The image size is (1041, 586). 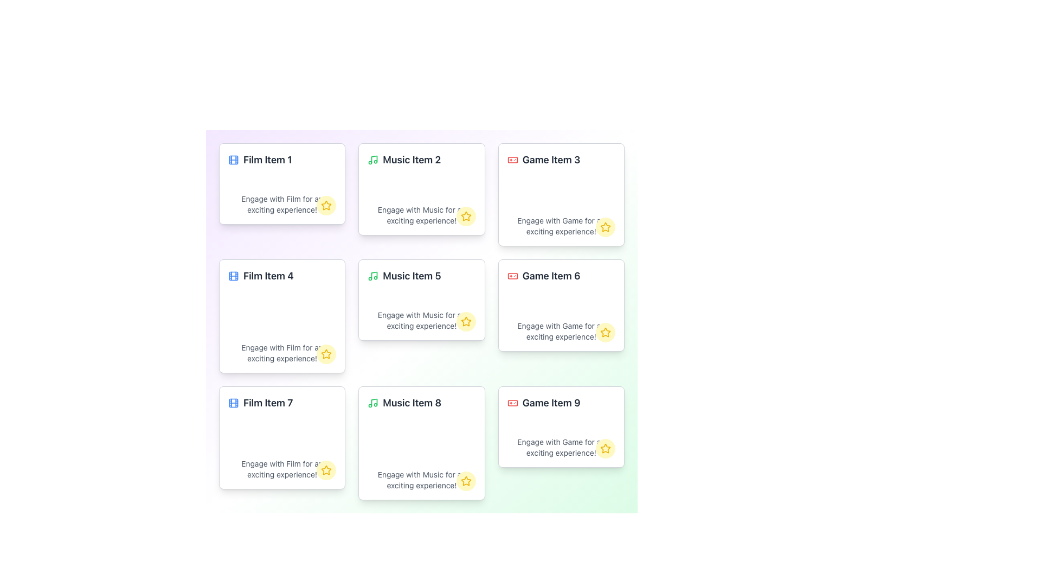 I want to click on the star button located in the bottom-right corner of the card labeled 'Game Item 9', so click(x=605, y=448).